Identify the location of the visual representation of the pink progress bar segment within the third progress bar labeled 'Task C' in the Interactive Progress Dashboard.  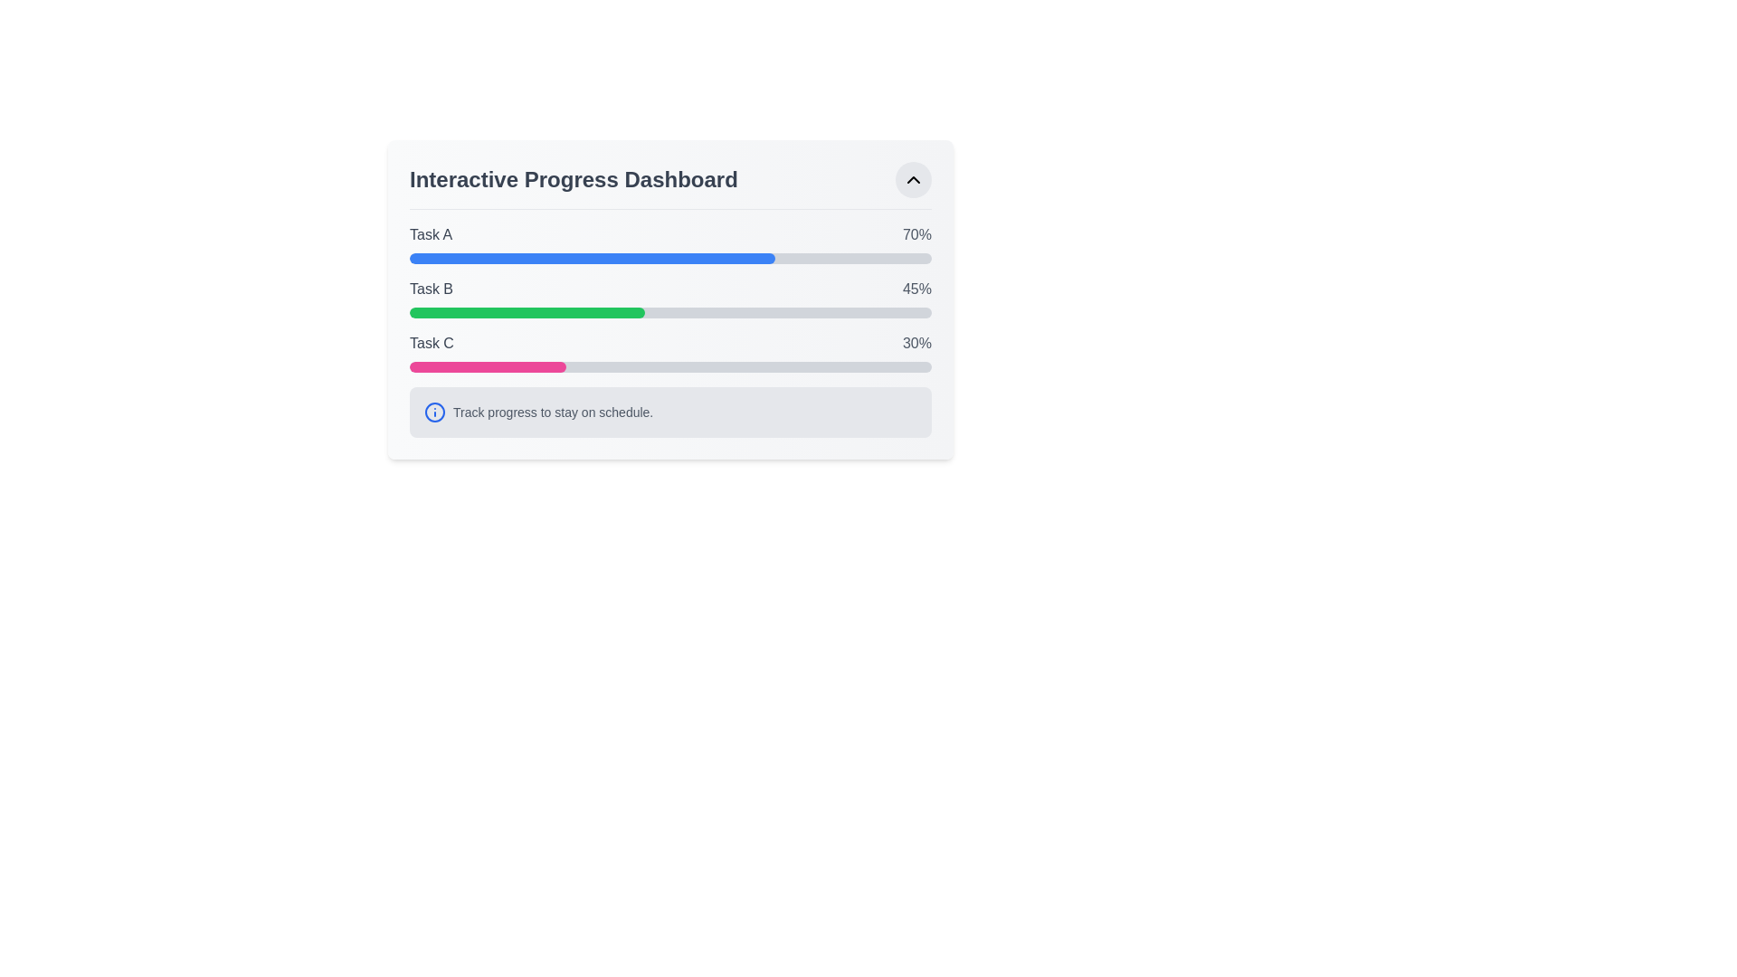
(488, 366).